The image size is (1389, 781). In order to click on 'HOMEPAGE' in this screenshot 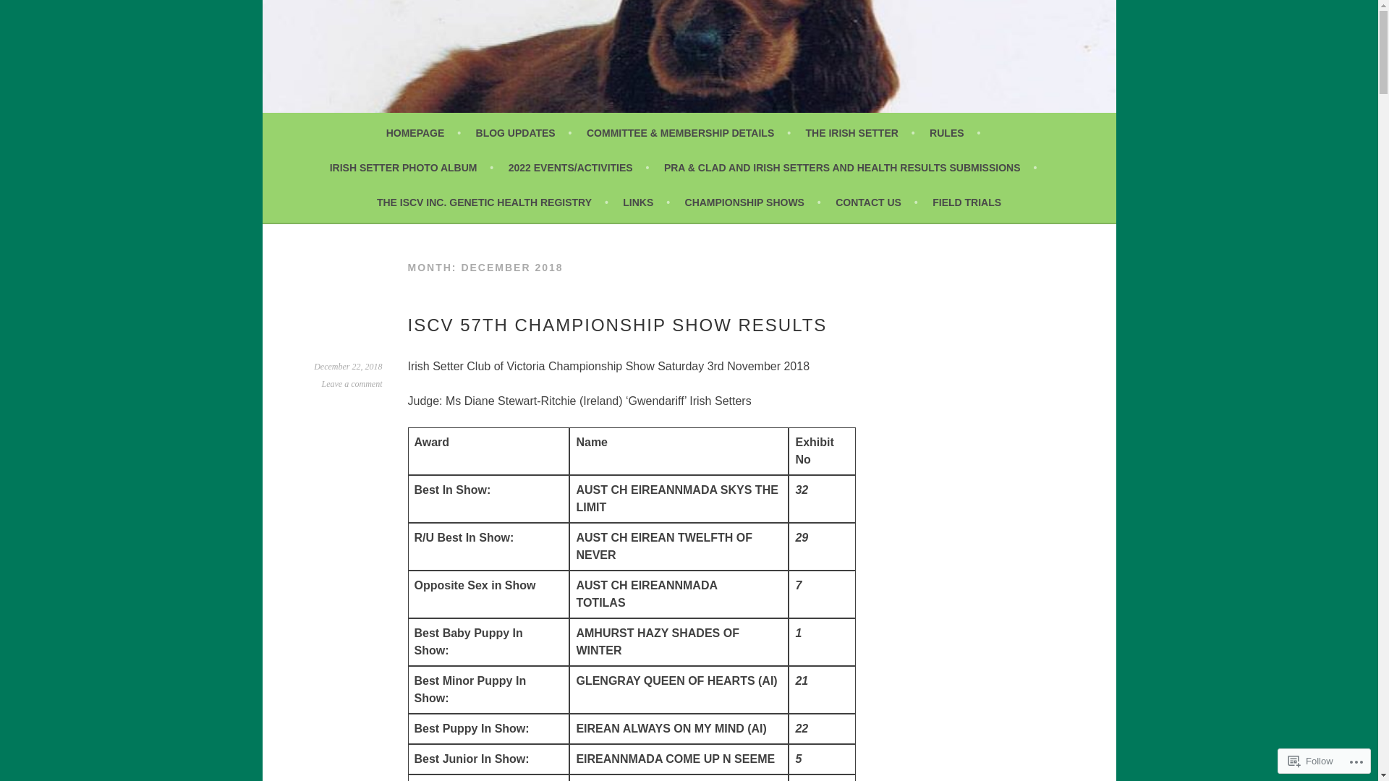, I will do `click(422, 133)`.